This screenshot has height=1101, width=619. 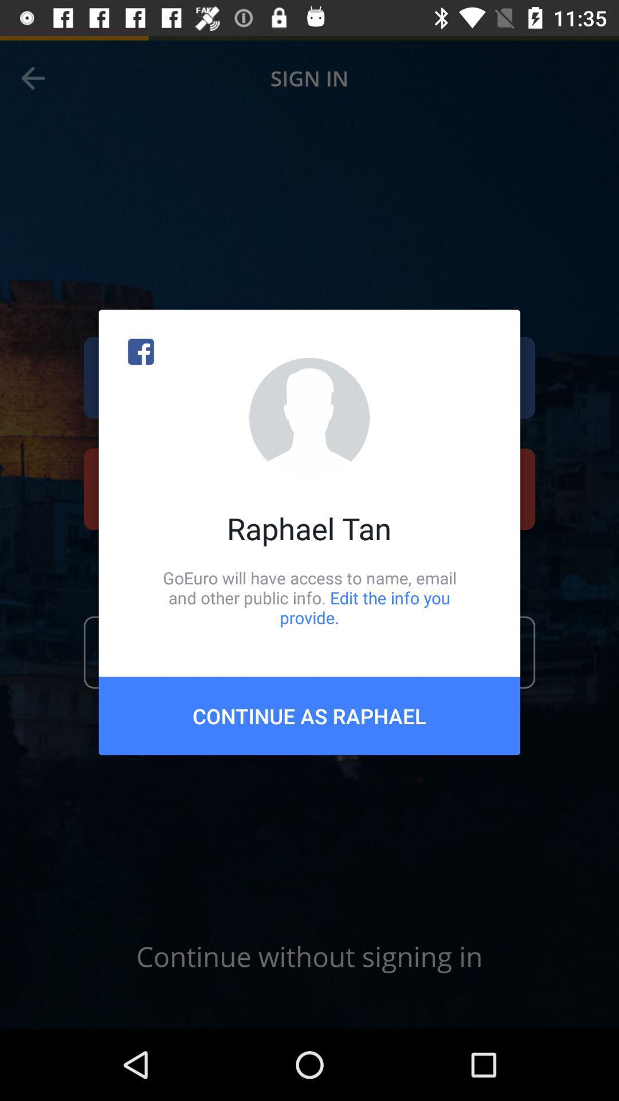 What do you see at coordinates (309, 715) in the screenshot?
I see `the continue as raphael` at bounding box center [309, 715].